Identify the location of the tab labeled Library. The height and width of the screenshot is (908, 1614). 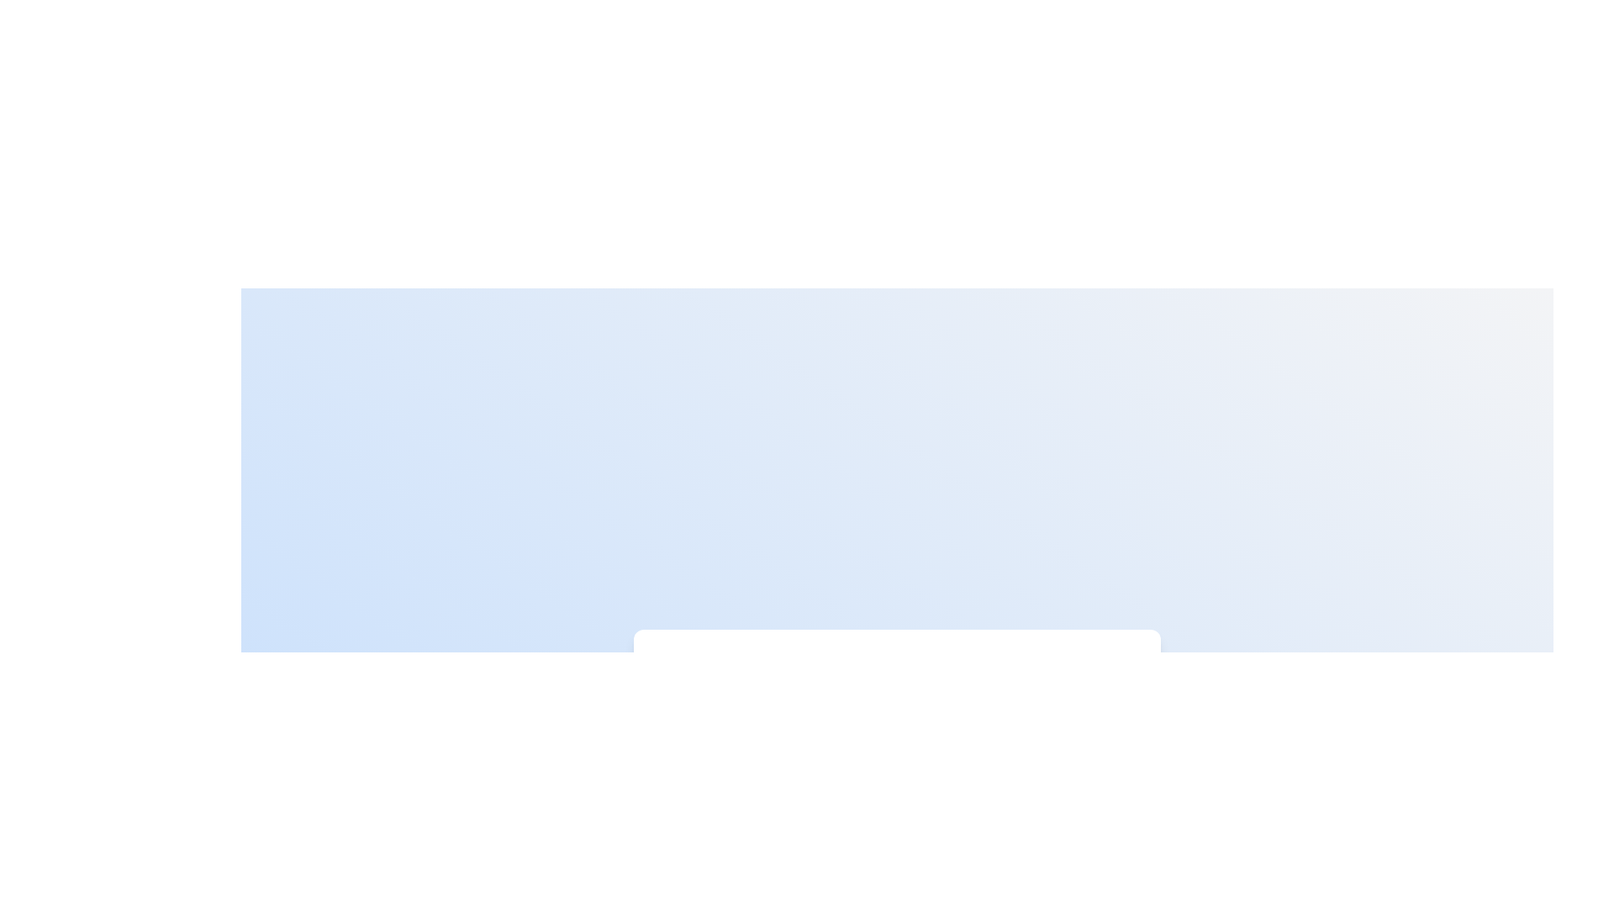
(965, 678).